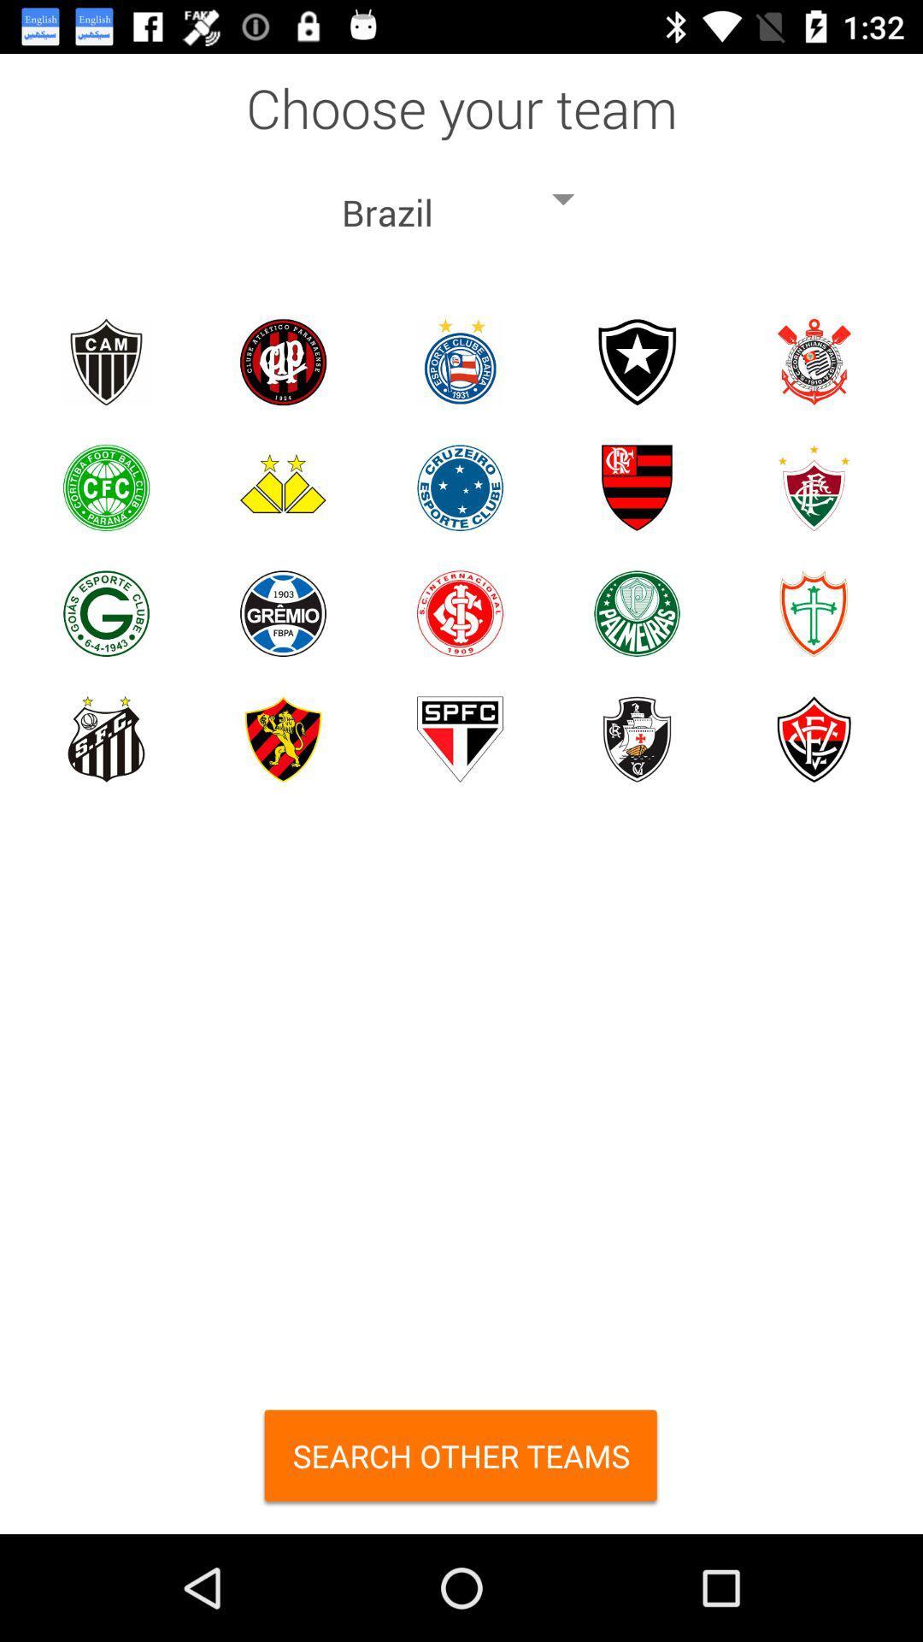 The image size is (923, 1642). I want to click on the team spfc, so click(459, 739).